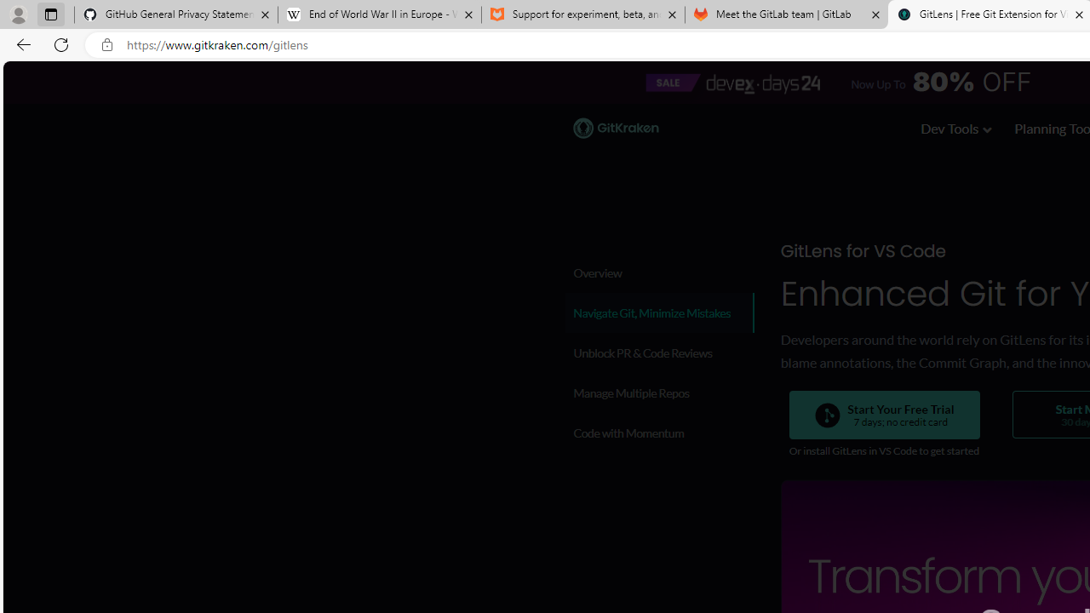  Describe the element at coordinates (658, 312) in the screenshot. I see `'Navigate Git, Minimize Mistakes'` at that location.